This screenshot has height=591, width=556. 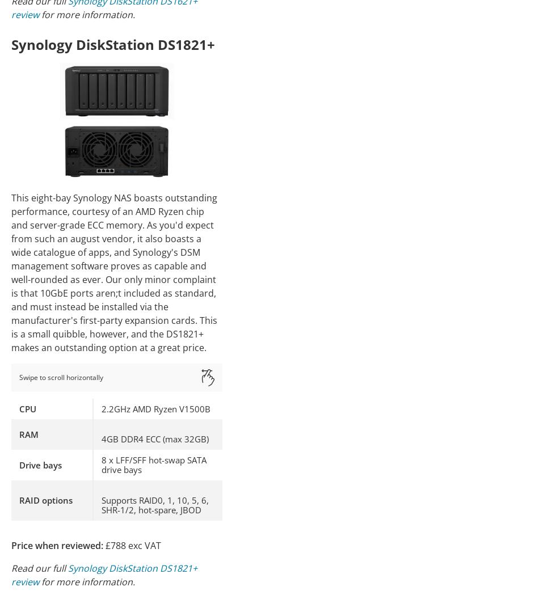 What do you see at coordinates (154, 465) in the screenshot?
I see `'8 x LFF/SFF hot-swap SATA drive bays'` at bounding box center [154, 465].